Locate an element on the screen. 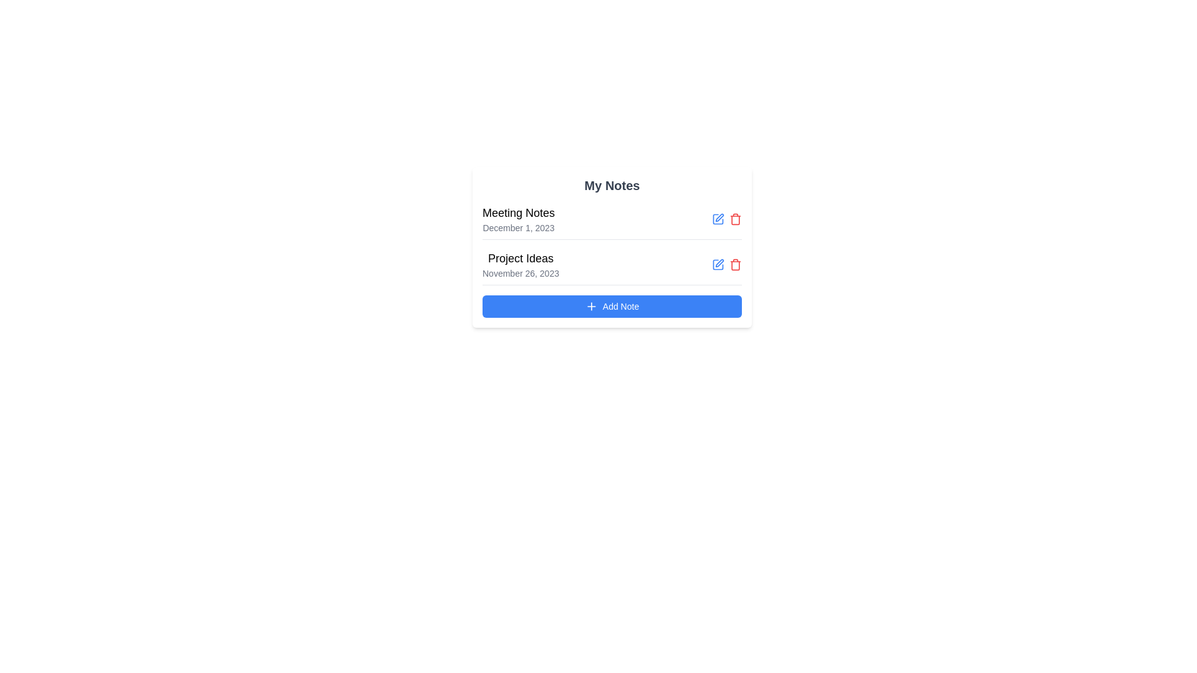 This screenshot has height=673, width=1197. the textual display titled 'My Notes' which contains the title and timestamp of the note entry located on the second row, between 'Meeting Notes' and the 'Add Note' button is located at coordinates (521, 264).